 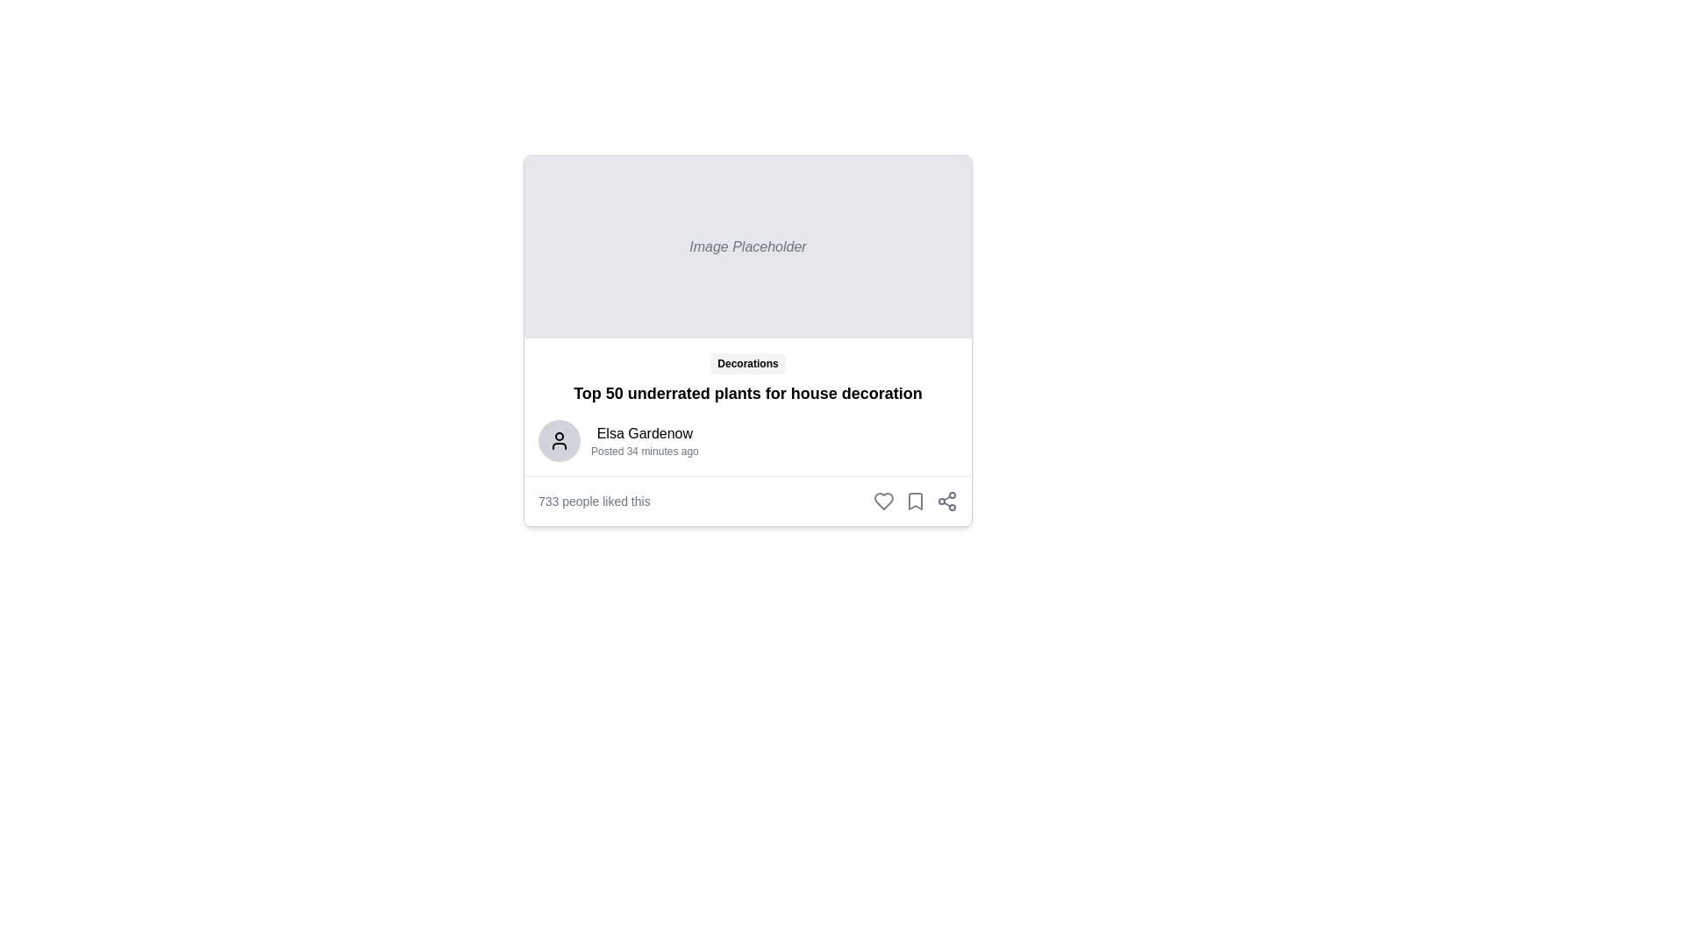 I want to click on the bookmark icon button, which is the second in a group of three buttons at the bottom-right of the card layout, so click(x=914, y=501).